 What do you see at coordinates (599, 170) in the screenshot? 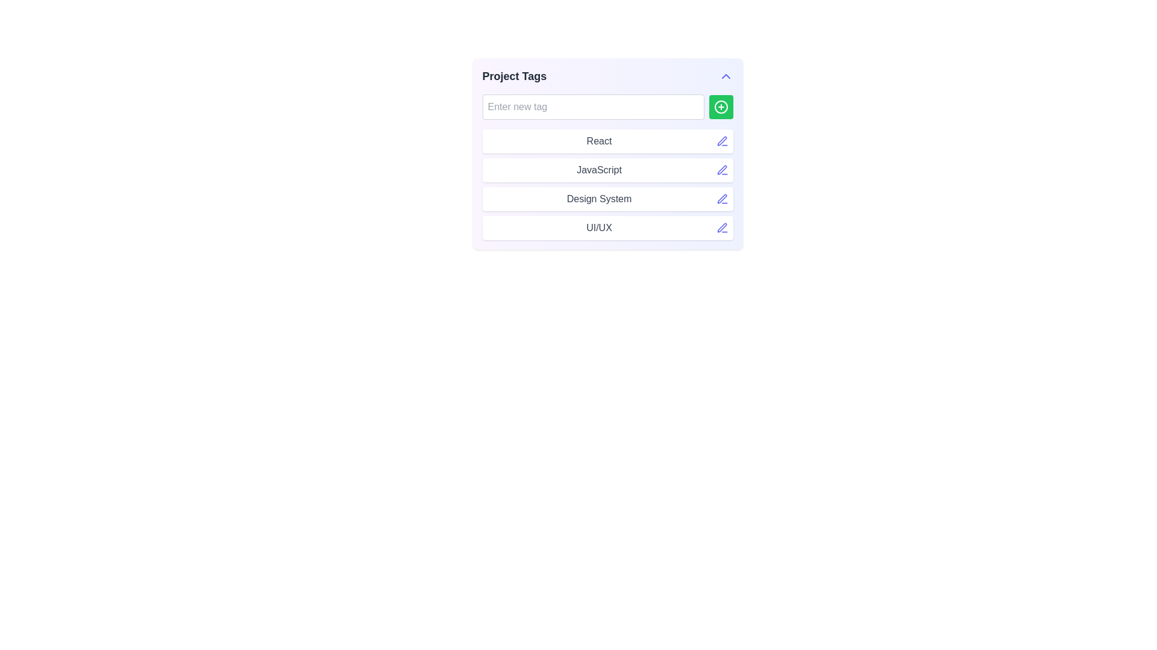
I see `the 'JavaScript' text label, which is prominently displayed in the second entry of the 'Project Tags' section, directly to the left of an edit icon` at bounding box center [599, 170].